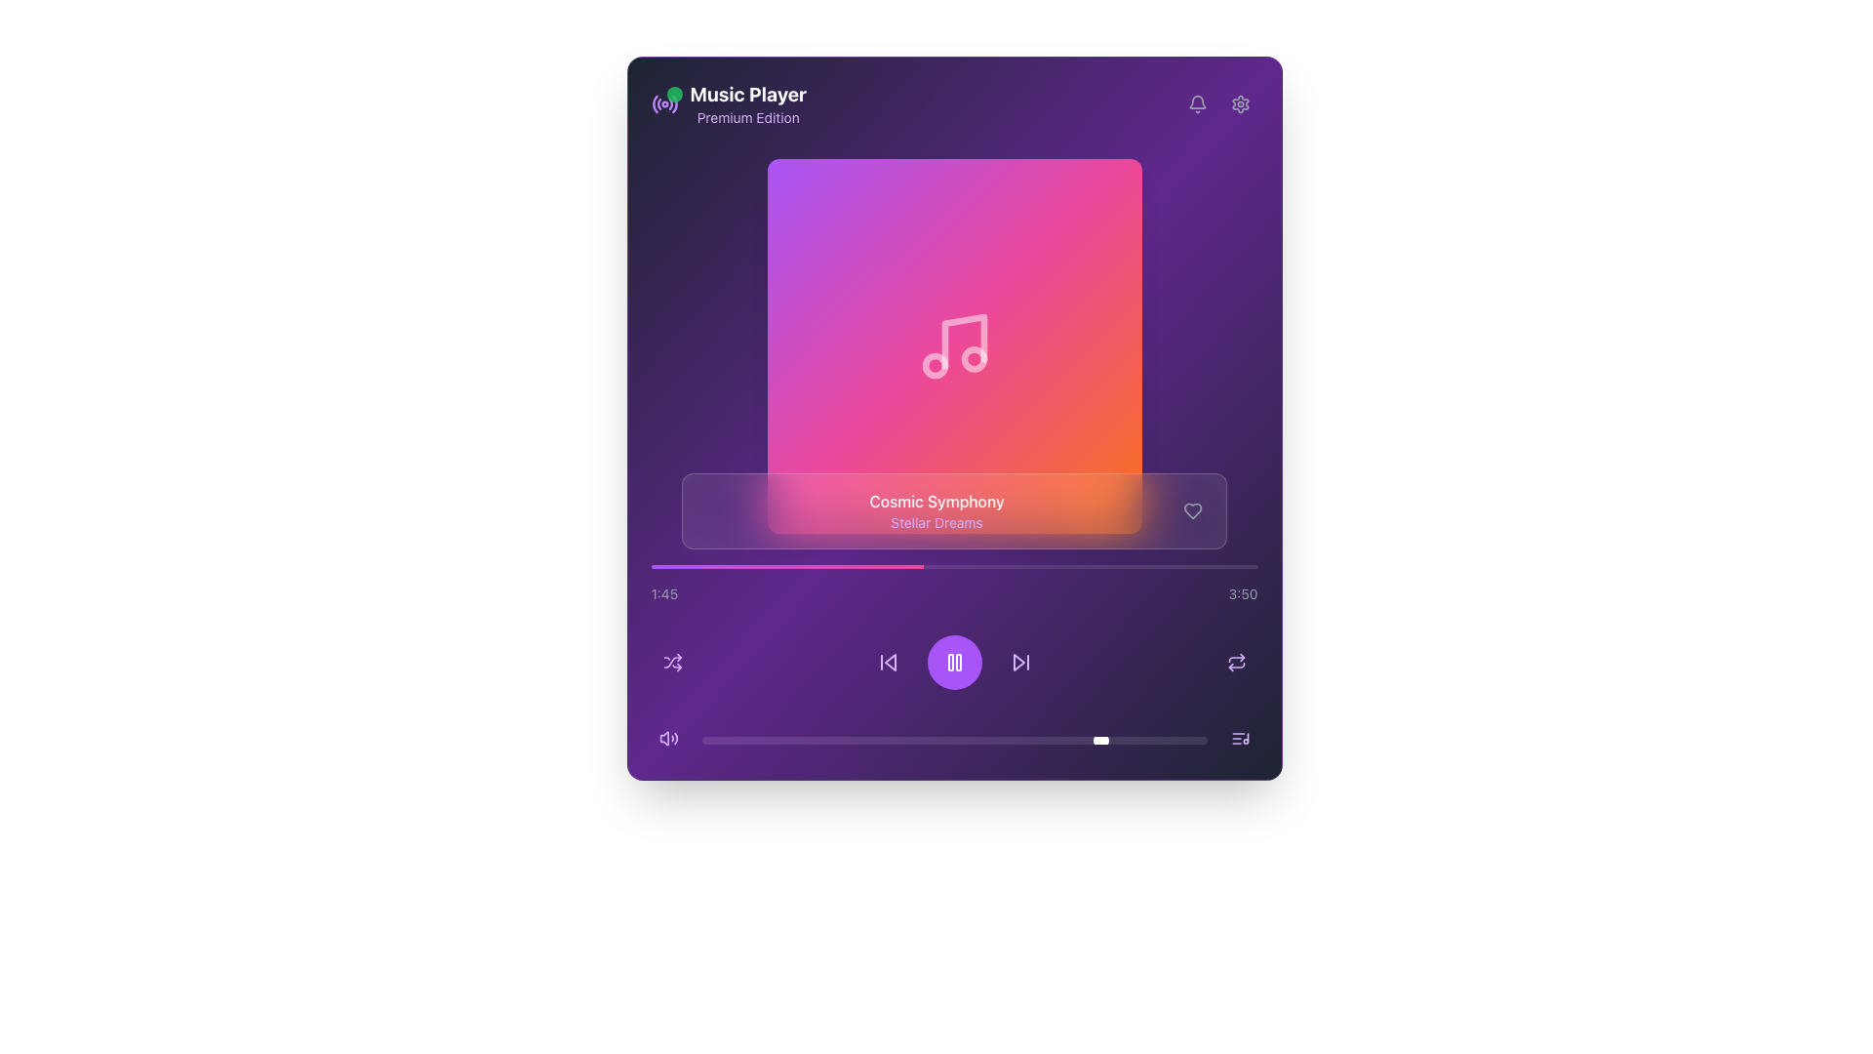 The image size is (1873, 1054). I want to click on text label indicating that the displayed music player interface belongs to the 'Premium Edition' version of the software, located directly below the 'Music Player' text, so click(747, 117).